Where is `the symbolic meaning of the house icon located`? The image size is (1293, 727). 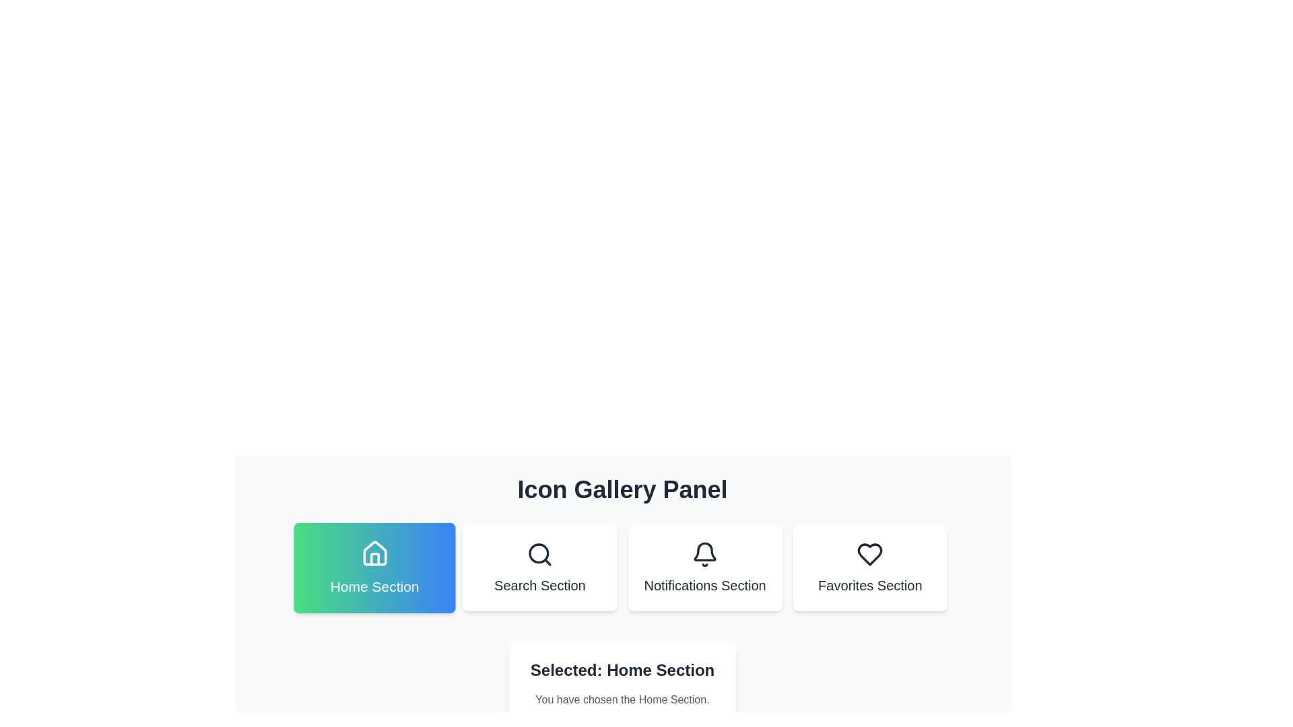 the symbolic meaning of the house icon located is located at coordinates (374, 553).